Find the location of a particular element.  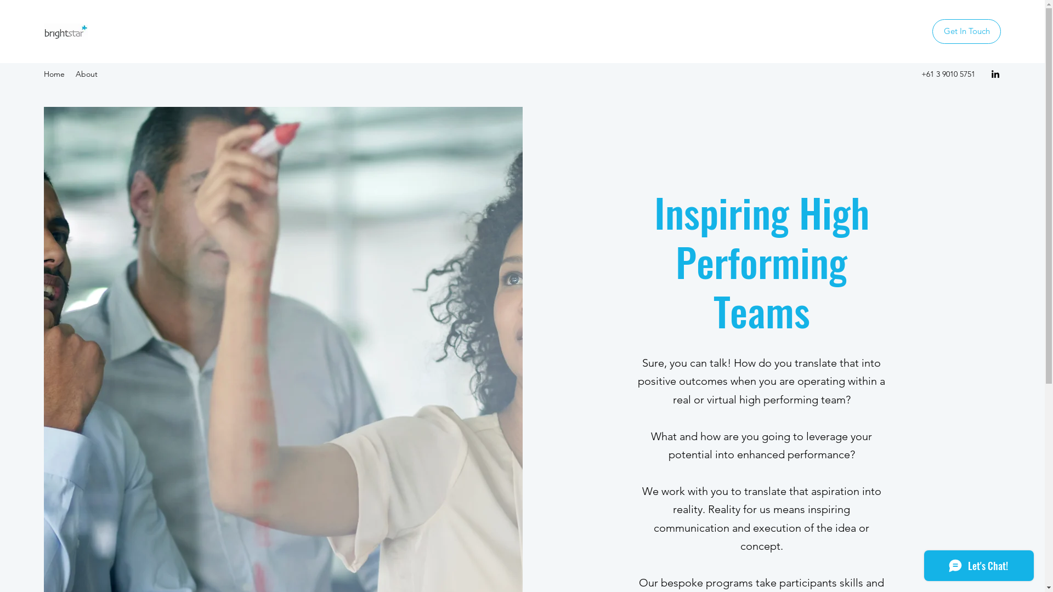

'Get In Touch' is located at coordinates (931, 31).